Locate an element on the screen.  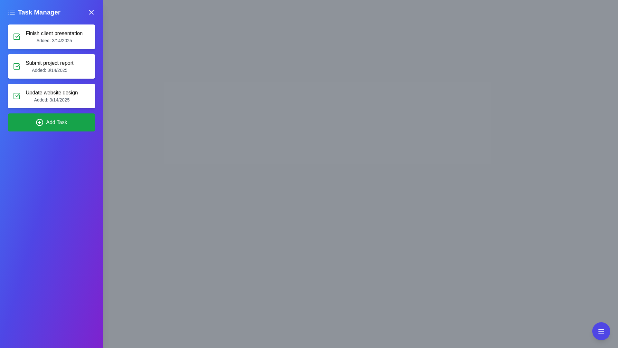
the second task item in the Task Manager side panel is located at coordinates (51, 78).